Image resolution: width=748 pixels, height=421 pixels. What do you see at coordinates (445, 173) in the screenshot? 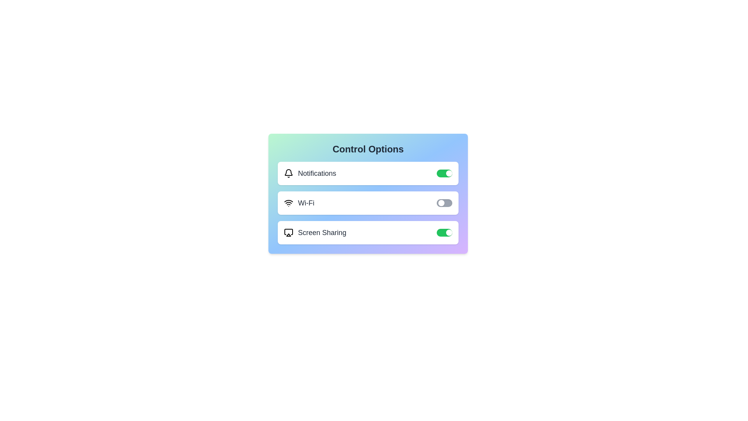
I see `the switch corresponding to Notifications` at bounding box center [445, 173].